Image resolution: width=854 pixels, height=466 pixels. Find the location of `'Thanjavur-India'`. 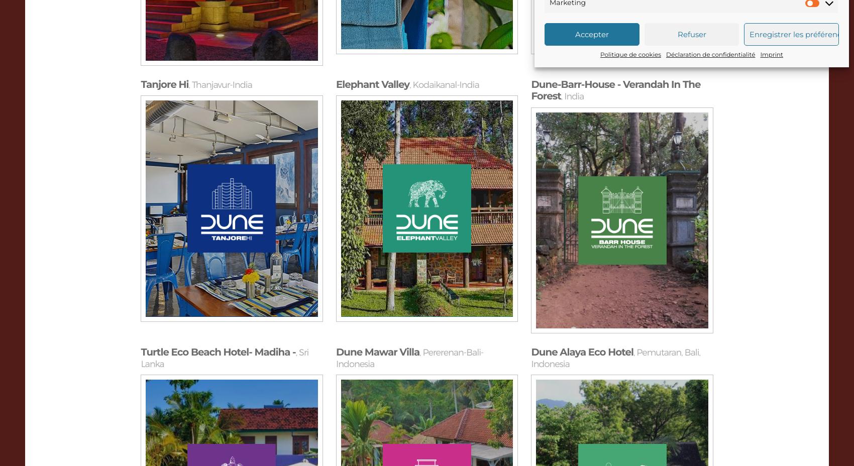

'Thanjavur-India' is located at coordinates (190, 85).